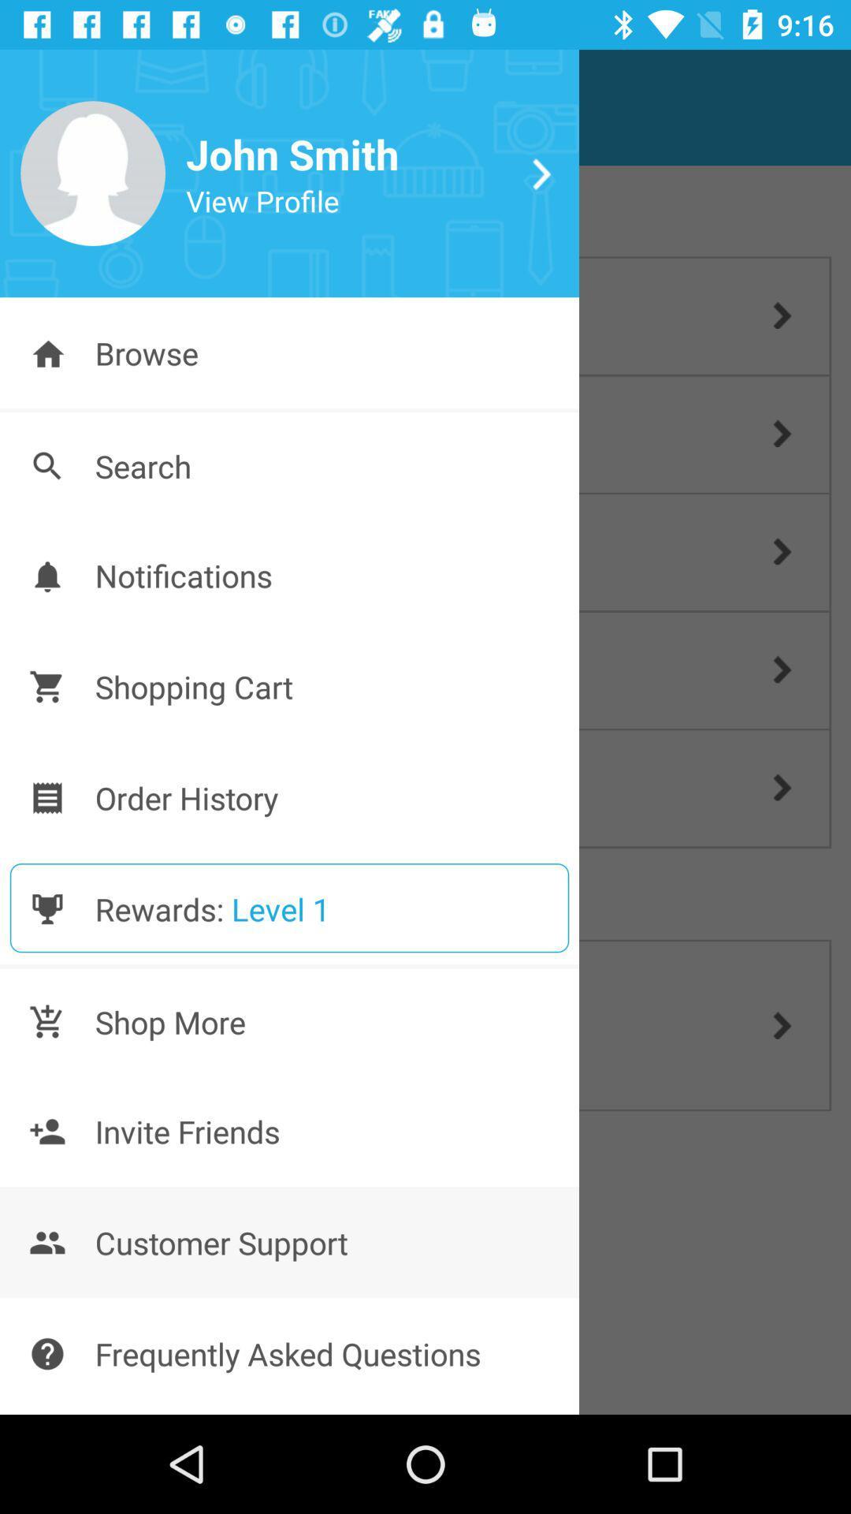  What do you see at coordinates (46, 908) in the screenshot?
I see `the trophy icon which is on the left side of rewards level 1` at bounding box center [46, 908].